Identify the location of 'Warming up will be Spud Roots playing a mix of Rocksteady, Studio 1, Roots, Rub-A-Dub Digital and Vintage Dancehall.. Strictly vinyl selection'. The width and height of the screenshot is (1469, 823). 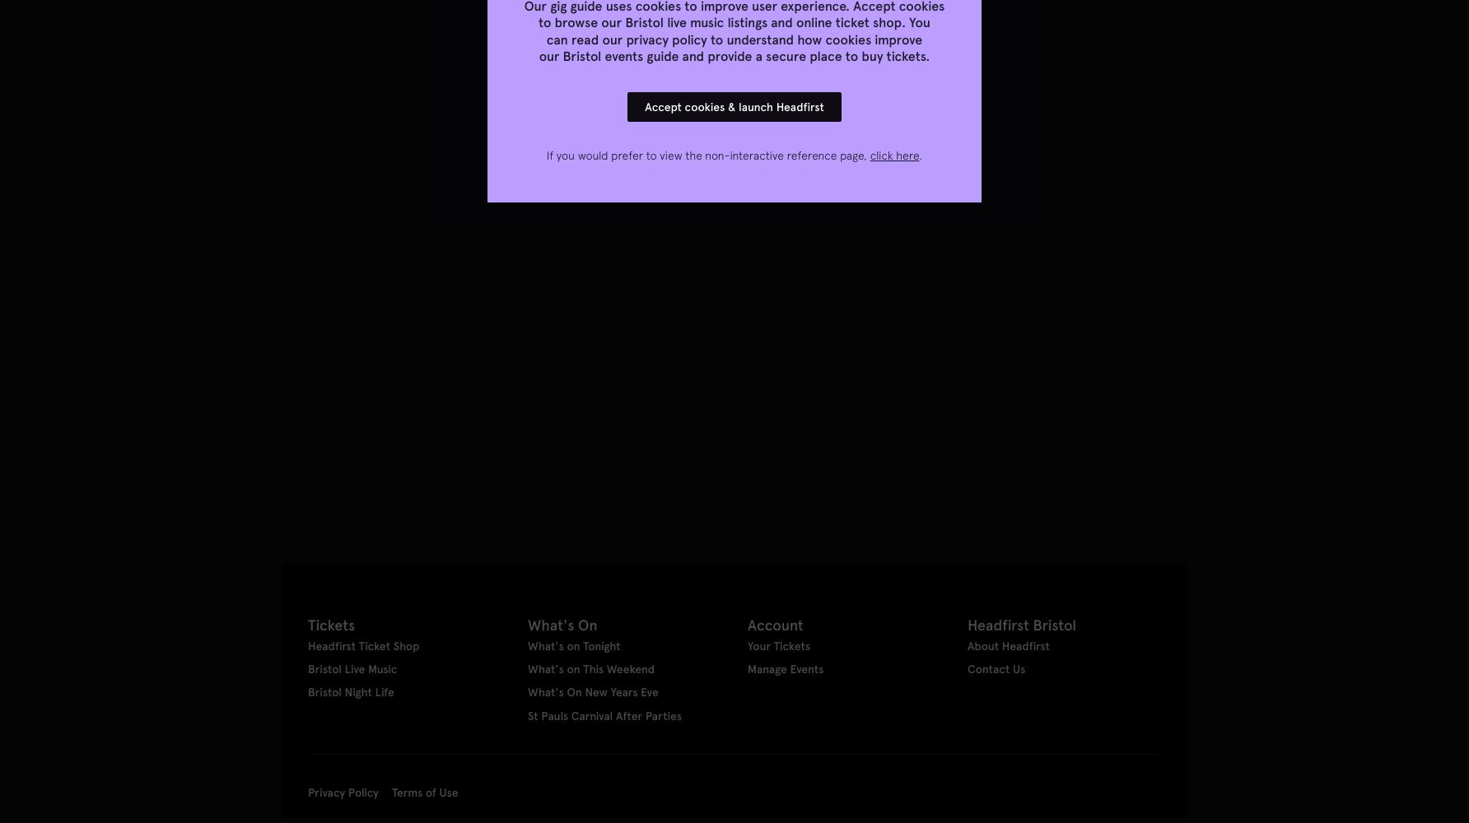
(280, 412).